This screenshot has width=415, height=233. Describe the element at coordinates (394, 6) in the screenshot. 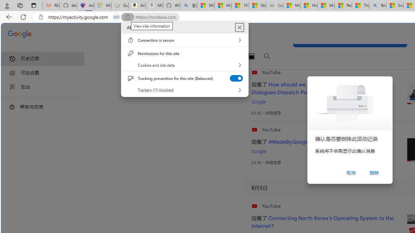

I see `'Science - MSN'` at that location.